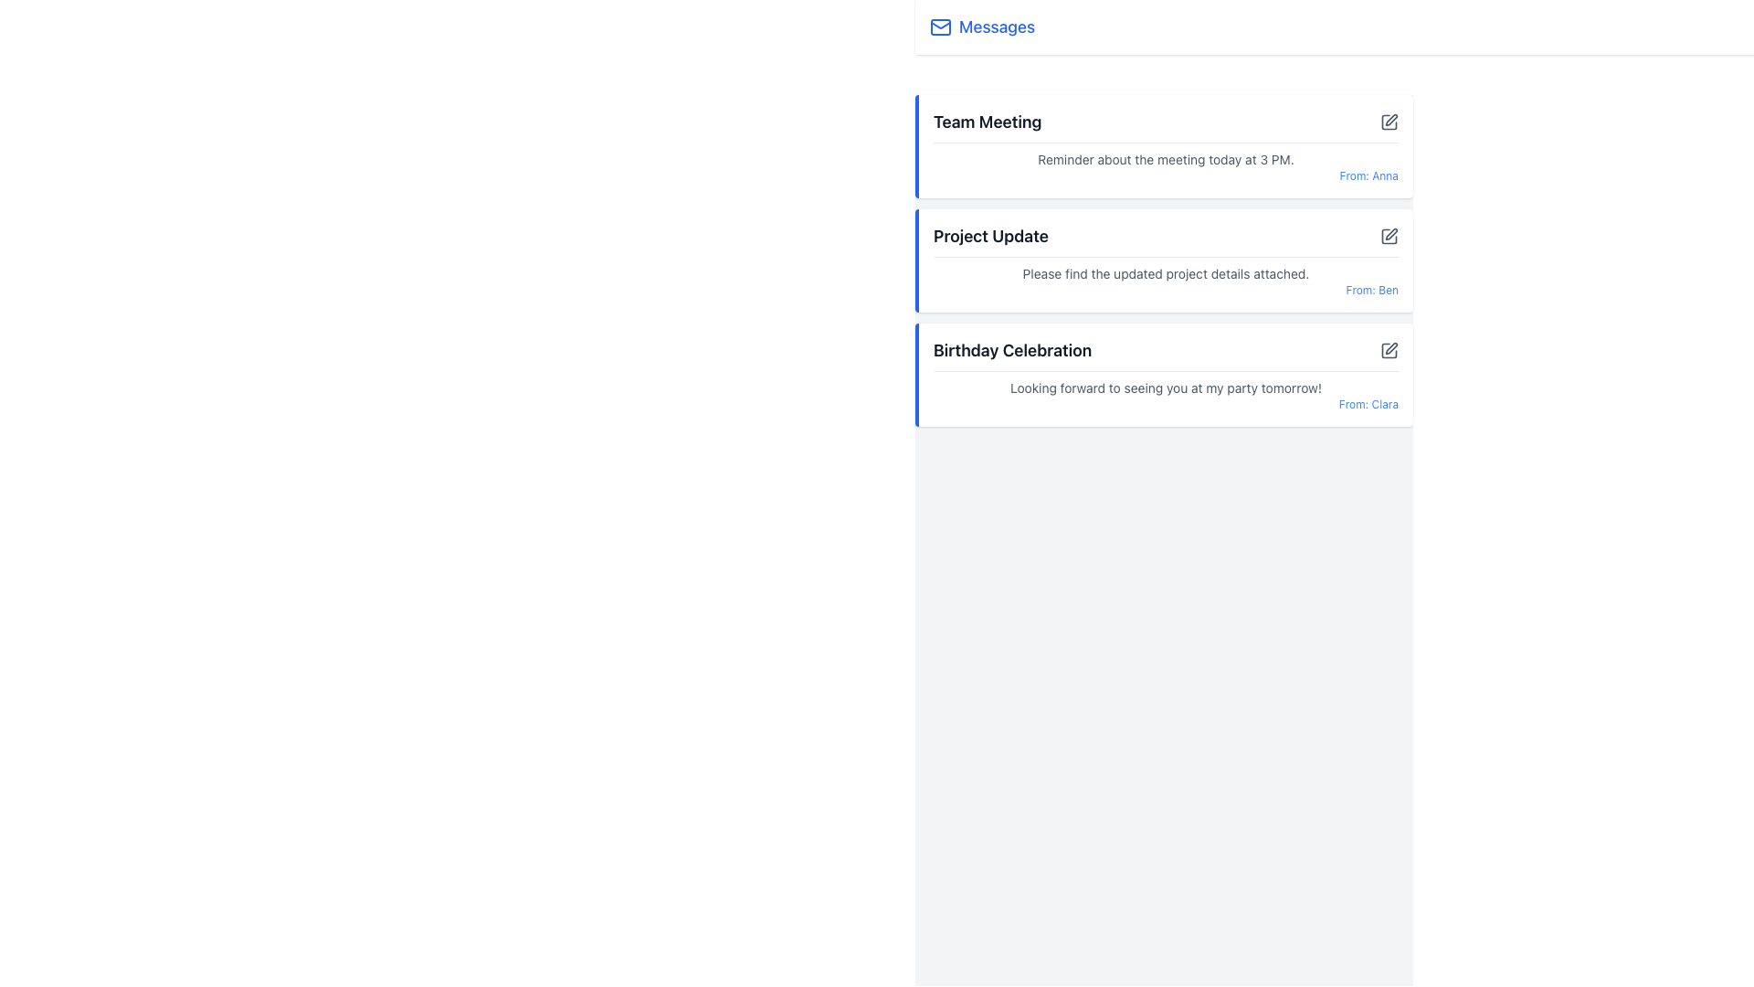 This screenshot has width=1754, height=987. Describe the element at coordinates (1390, 348) in the screenshot. I see `the editing icon within the interactive button located at the top-right corner of the message box labeled 'Birthday Celebration'` at that location.